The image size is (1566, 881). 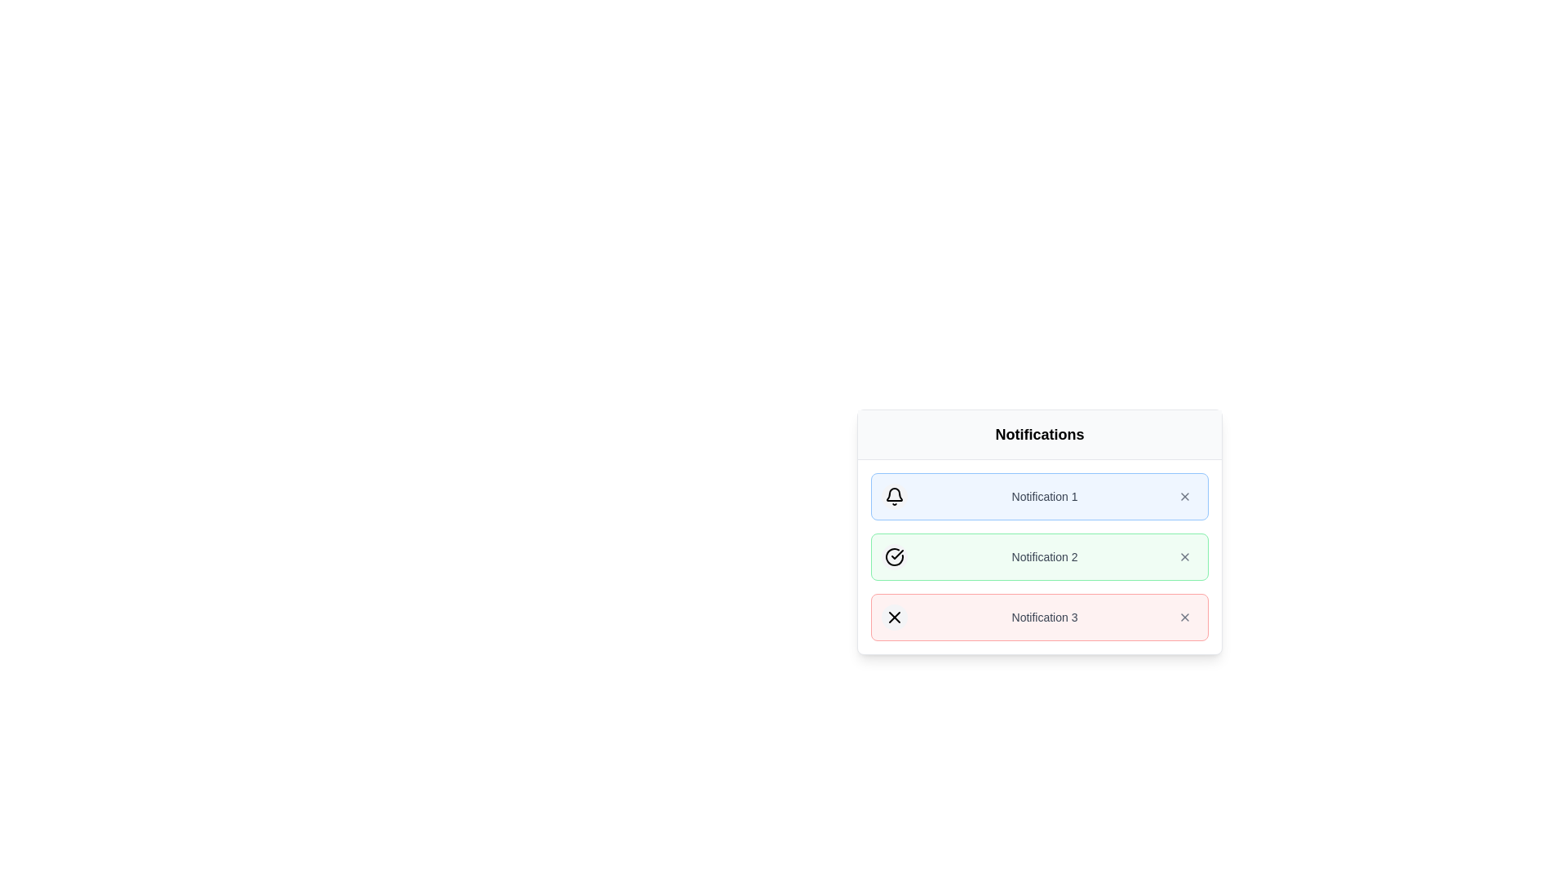 What do you see at coordinates (1045, 556) in the screenshot?
I see `the label containing the text 'Notification 2', which is styled with a subdued gray color on a light green background, centrally aligned within a green-bordered rectangular card` at bounding box center [1045, 556].